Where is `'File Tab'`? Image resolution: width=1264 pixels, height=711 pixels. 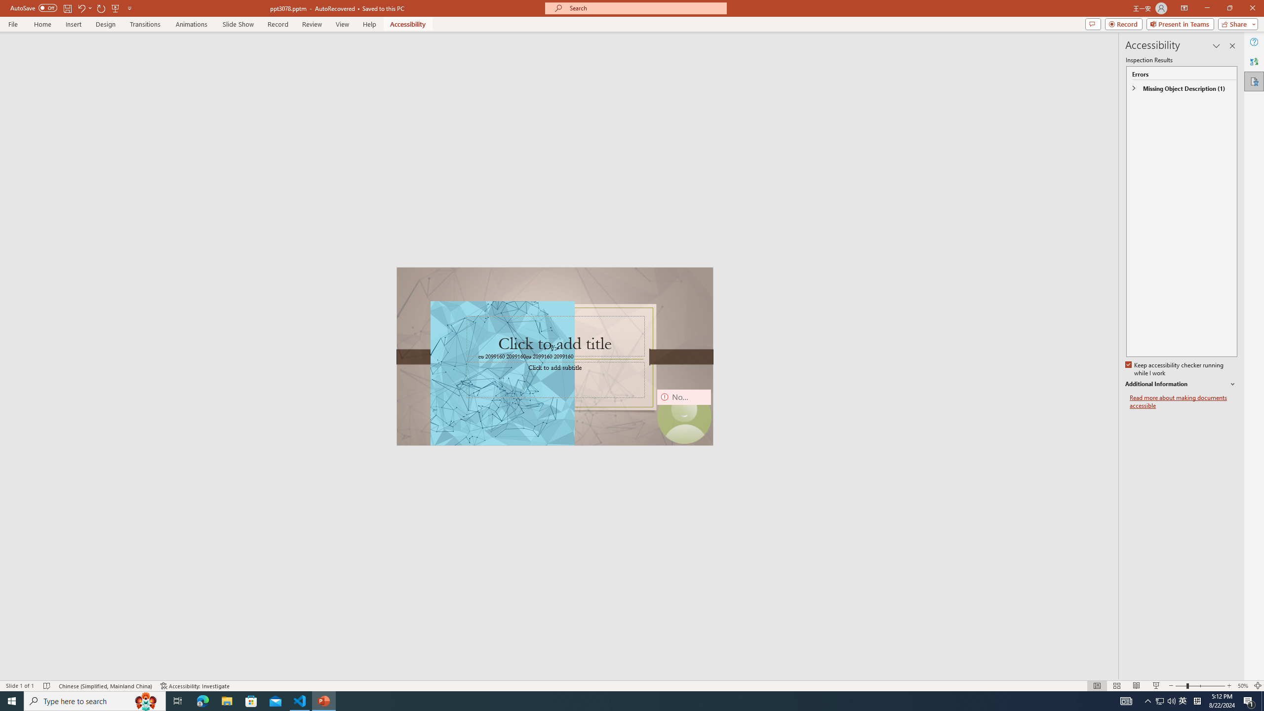
'File Tab' is located at coordinates (12, 23).